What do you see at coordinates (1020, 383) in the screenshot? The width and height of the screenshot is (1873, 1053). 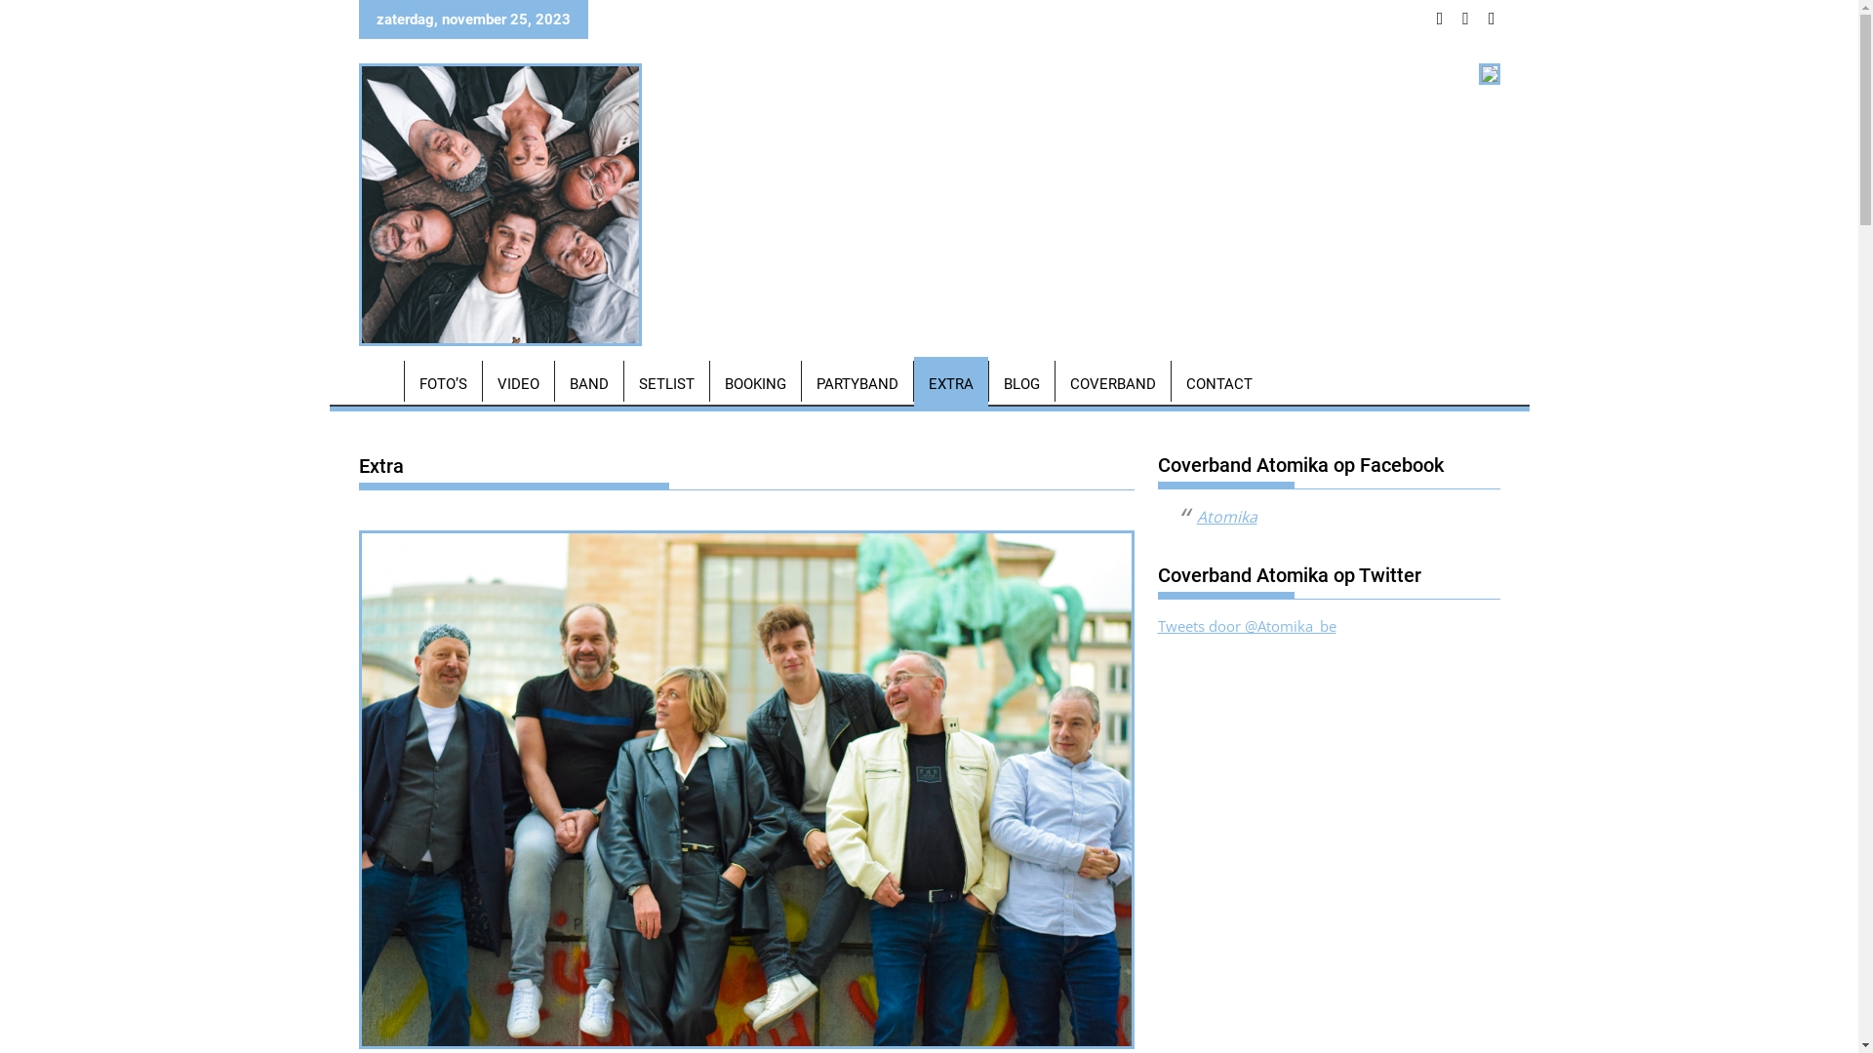 I see `'BLOG'` at bounding box center [1020, 383].